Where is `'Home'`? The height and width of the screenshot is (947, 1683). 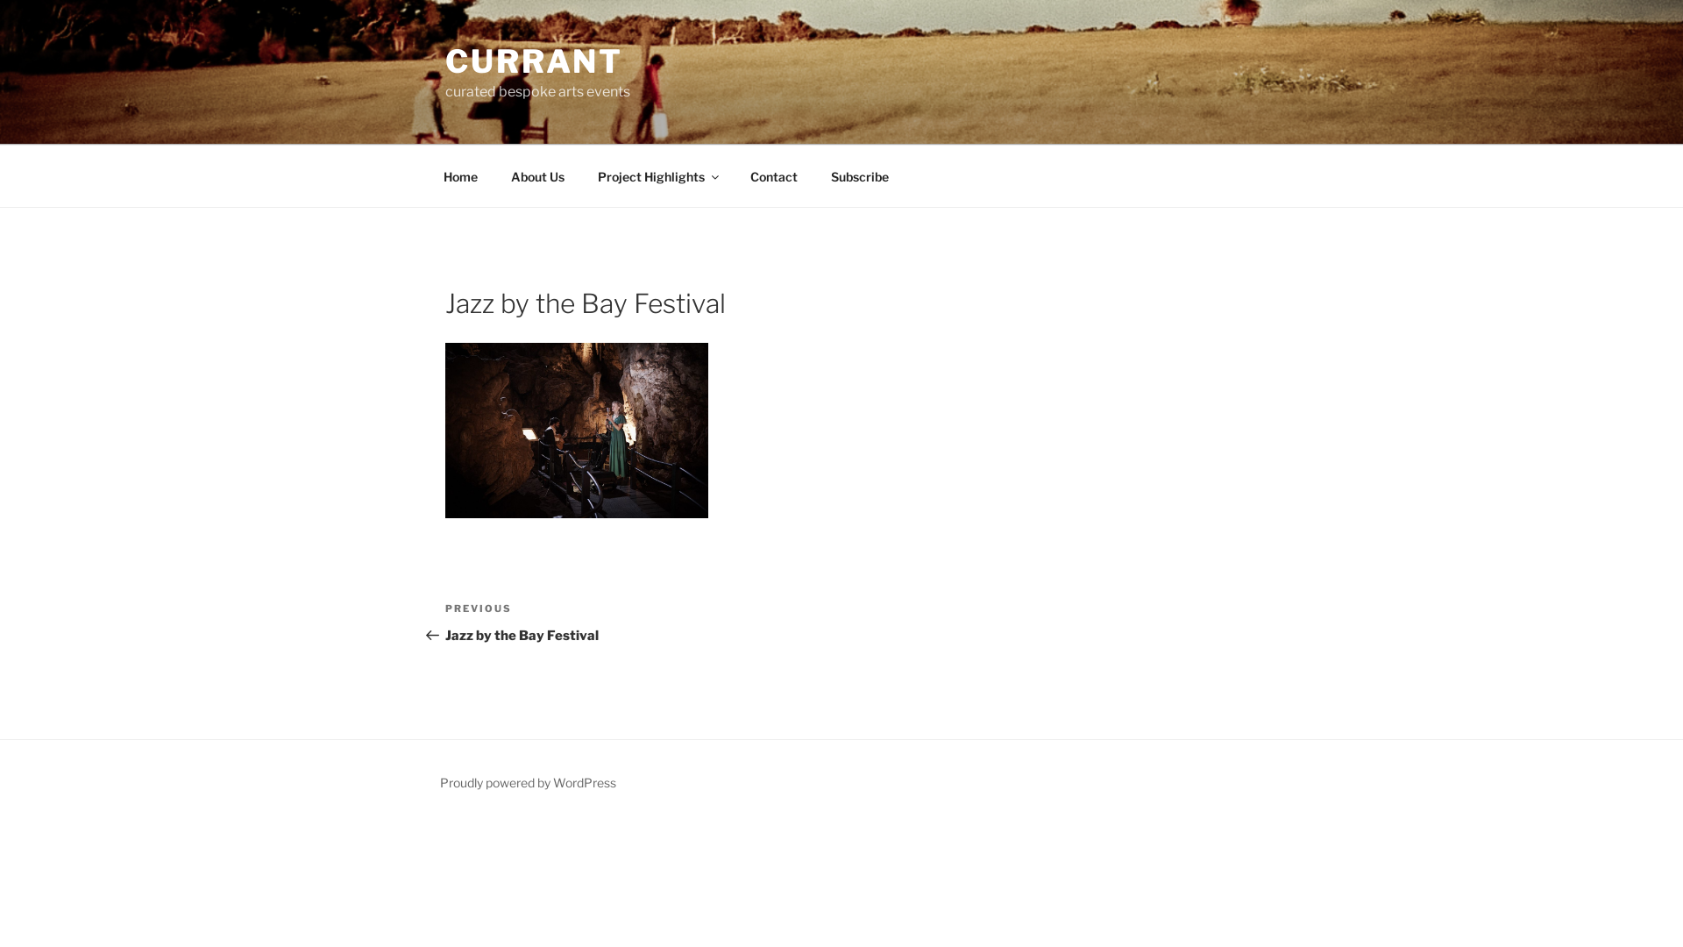
'Home' is located at coordinates (428, 175).